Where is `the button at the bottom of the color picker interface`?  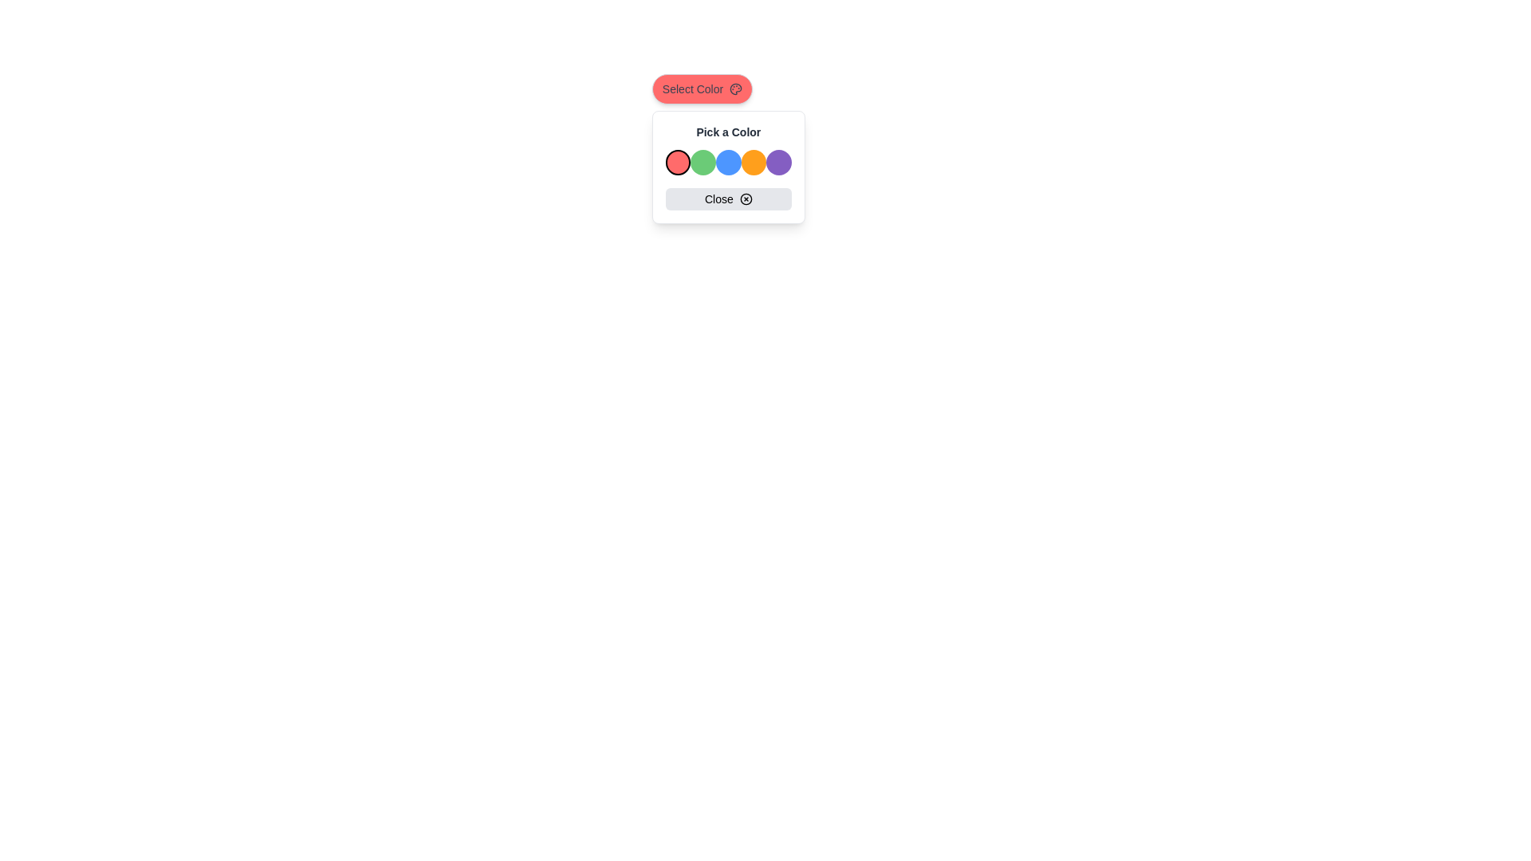 the button at the bottom of the color picker interface is located at coordinates (727, 199).